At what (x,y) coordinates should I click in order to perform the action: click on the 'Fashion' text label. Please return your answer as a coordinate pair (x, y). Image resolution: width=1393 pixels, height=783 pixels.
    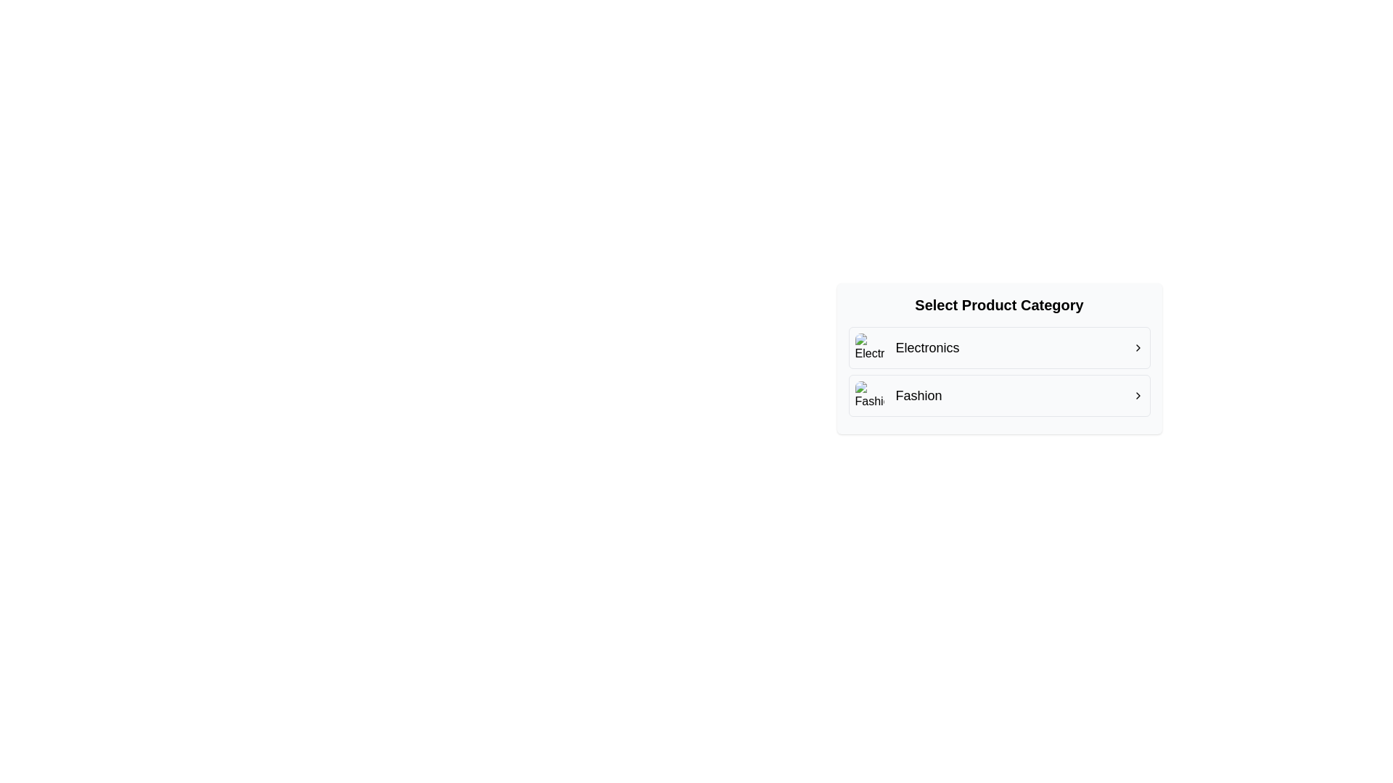
    Looking at the image, I should click on (918, 396).